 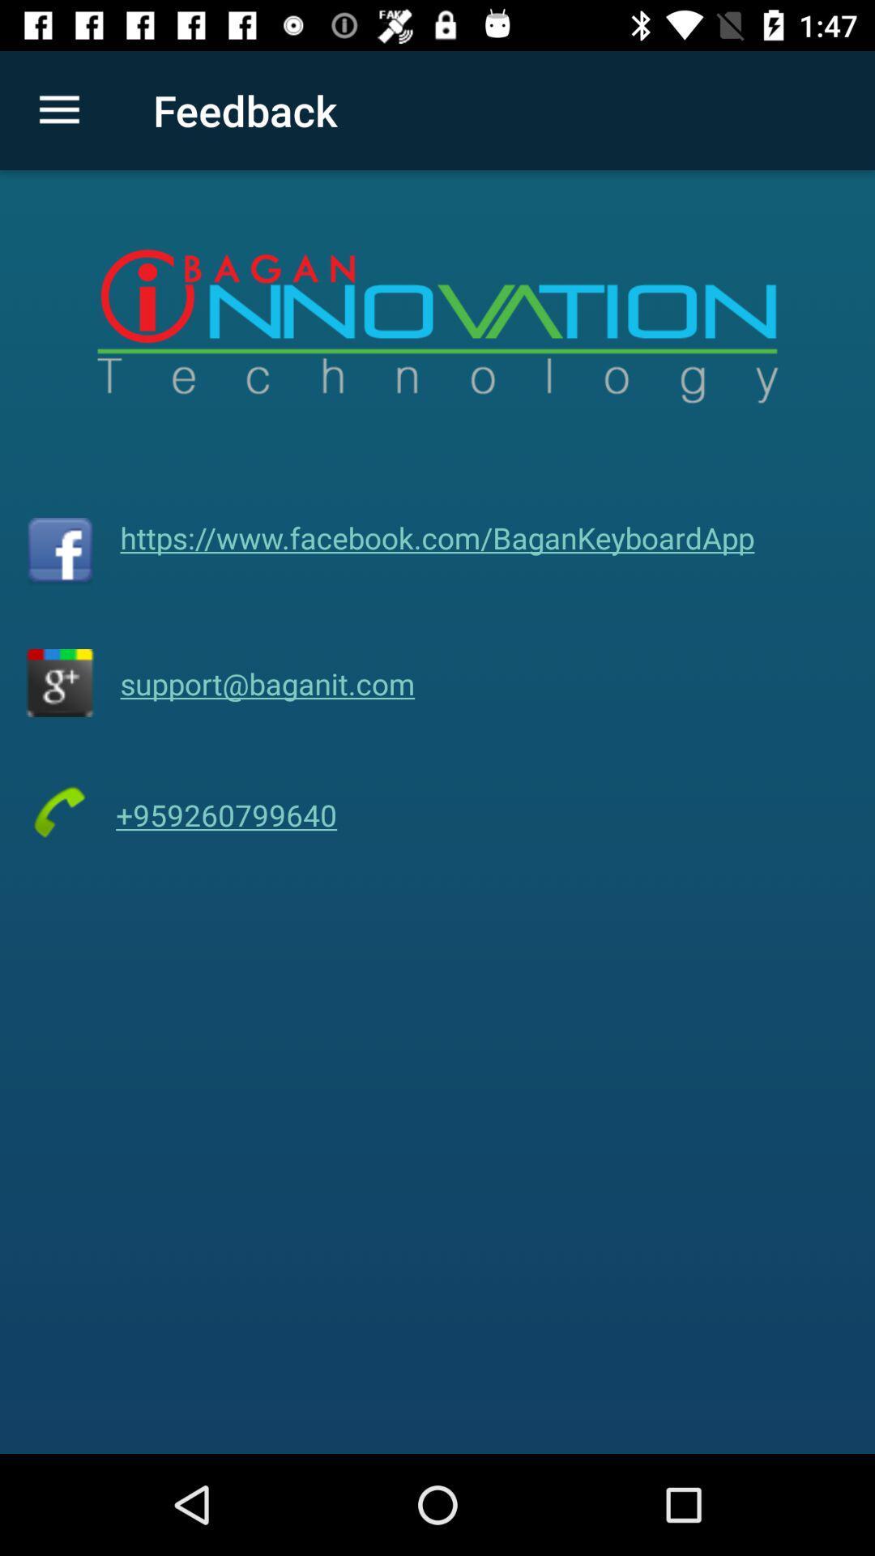 What do you see at coordinates (226, 814) in the screenshot?
I see `+959260799640` at bounding box center [226, 814].